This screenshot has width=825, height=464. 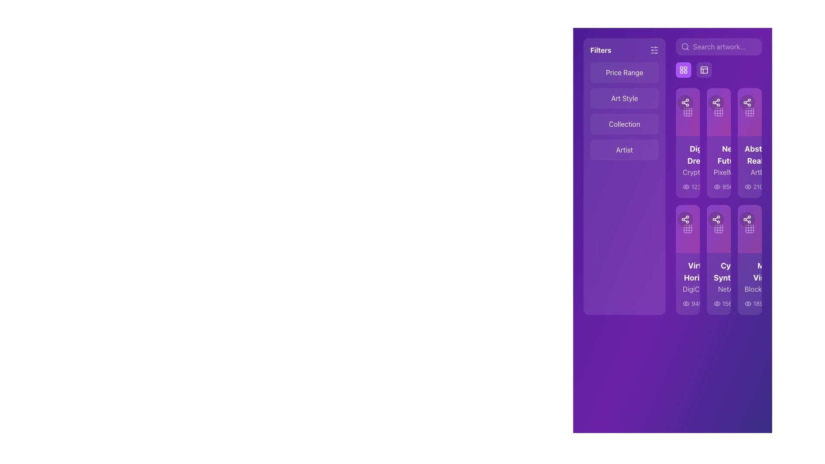 What do you see at coordinates (749, 228) in the screenshot?
I see `the grid layout icon, which is the second from the right in a row of interactive icons within the purple interface's right panel` at bounding box center [749, 228].